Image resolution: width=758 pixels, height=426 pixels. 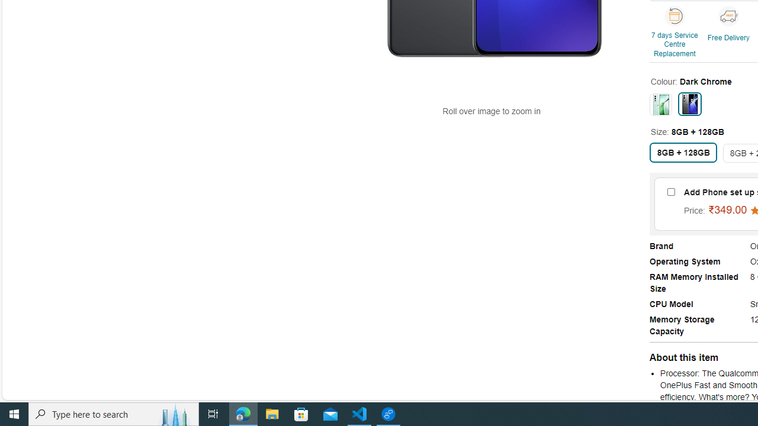 What do you see at coordinates (683, 151) in the screenshot?
I see `'8GB + 128GB'` at bounding box center [683, 151].